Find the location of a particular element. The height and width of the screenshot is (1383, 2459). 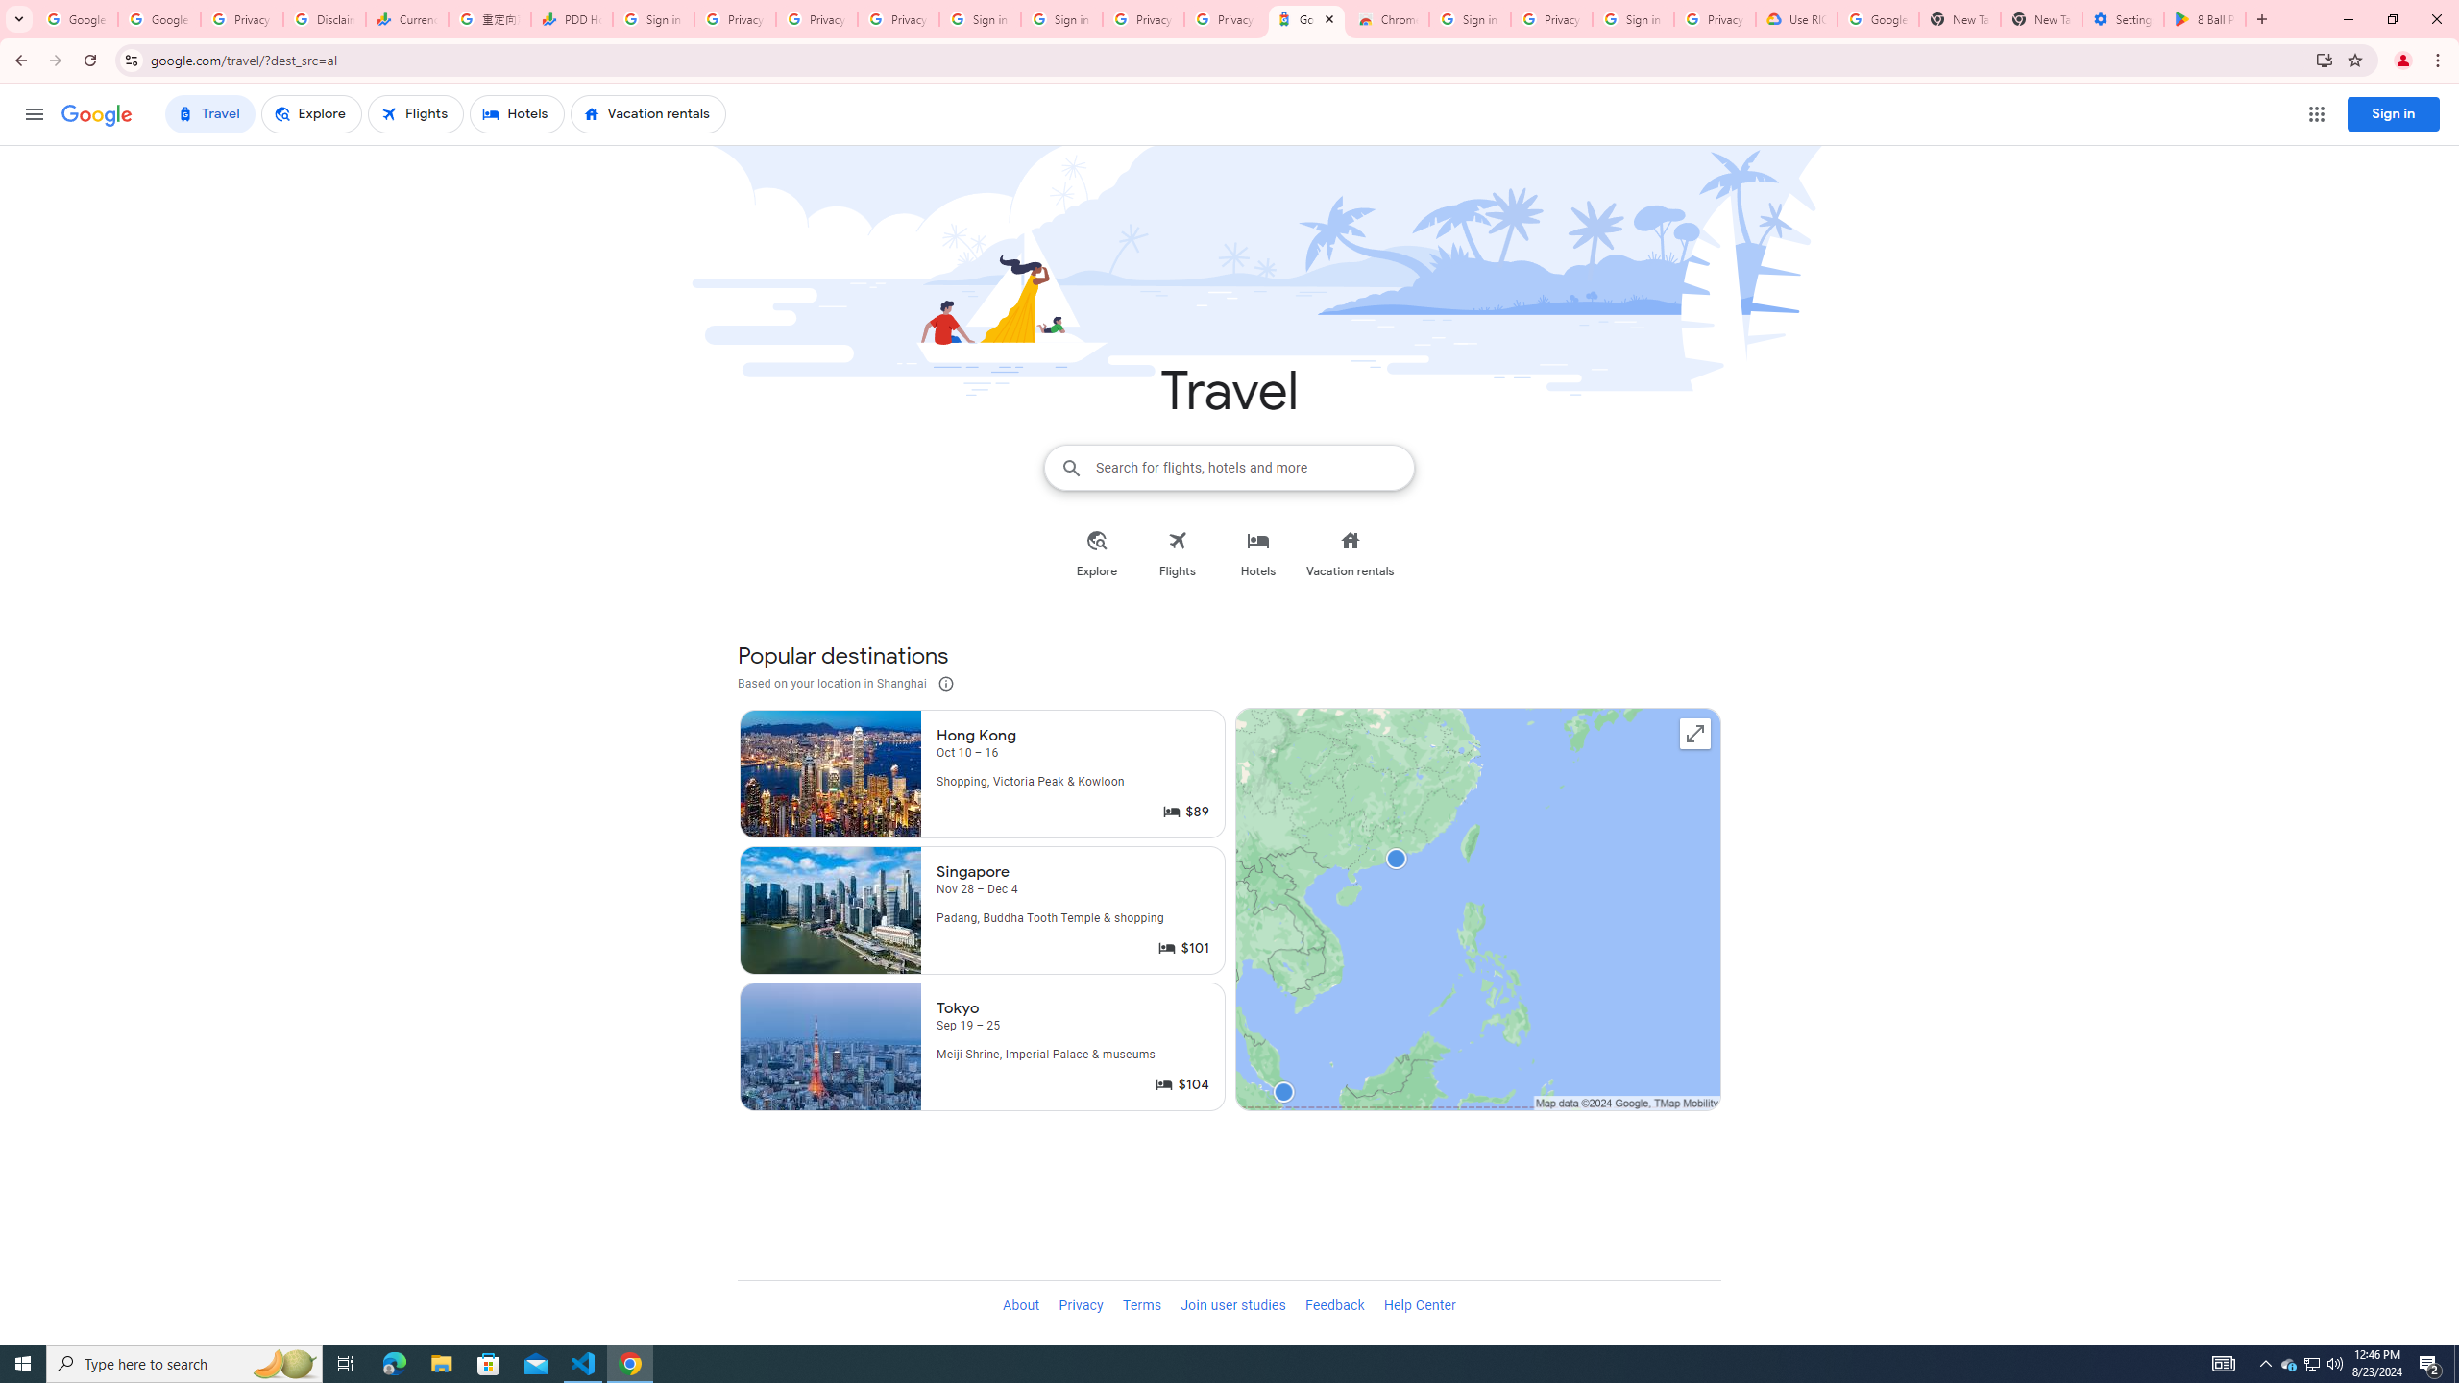

'Help Center' is located at coordinates (1419, 1305).